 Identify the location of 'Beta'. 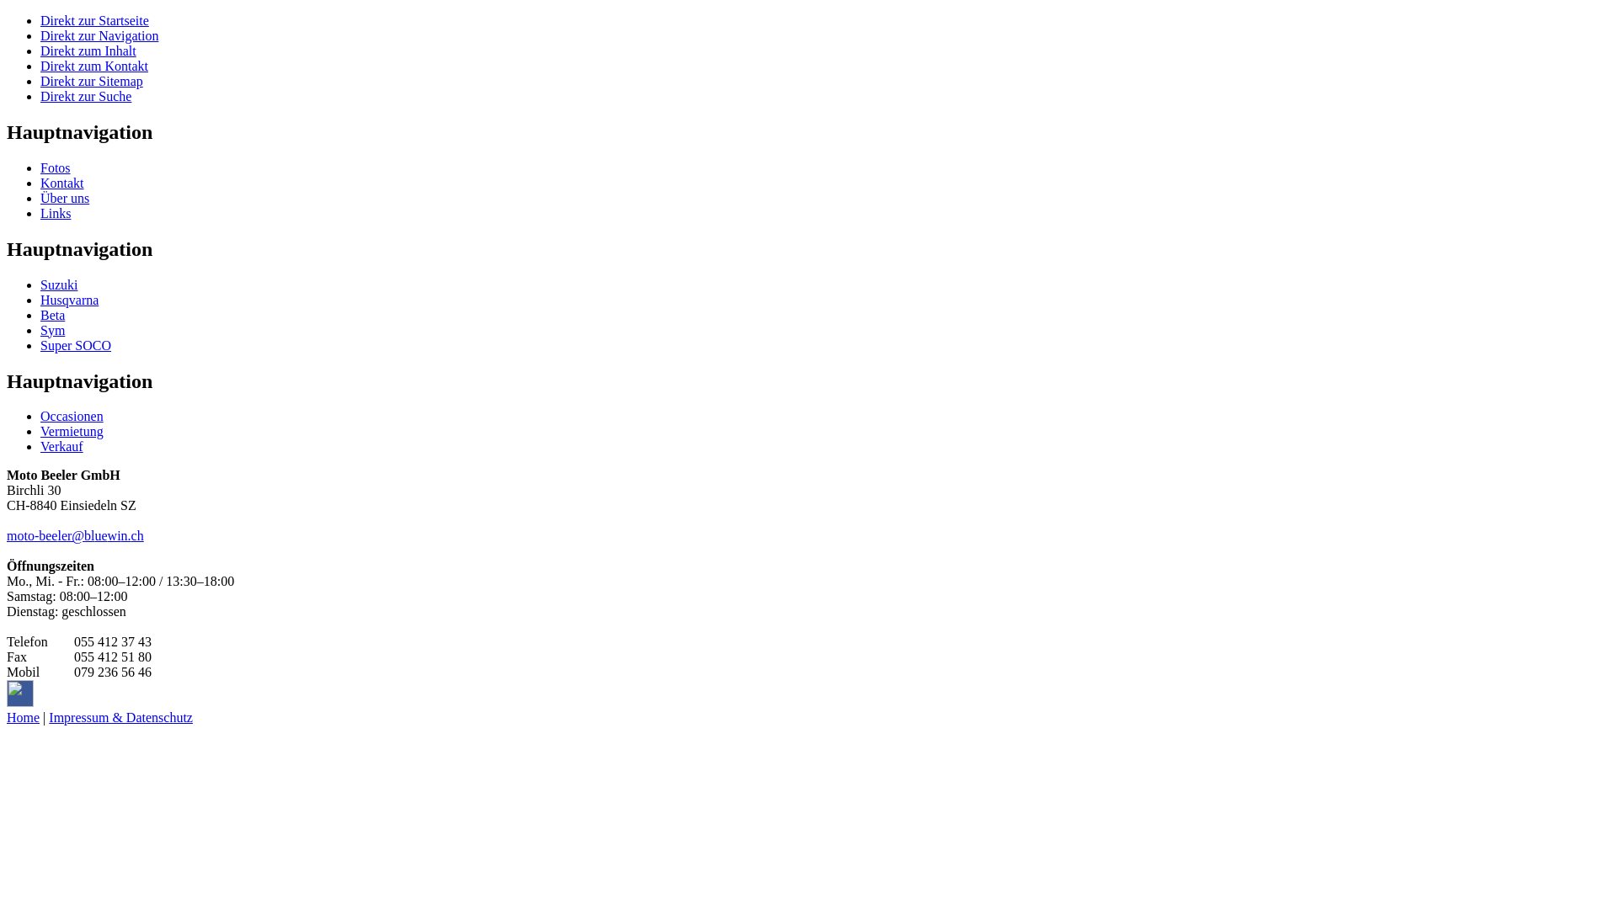
(52, 315).